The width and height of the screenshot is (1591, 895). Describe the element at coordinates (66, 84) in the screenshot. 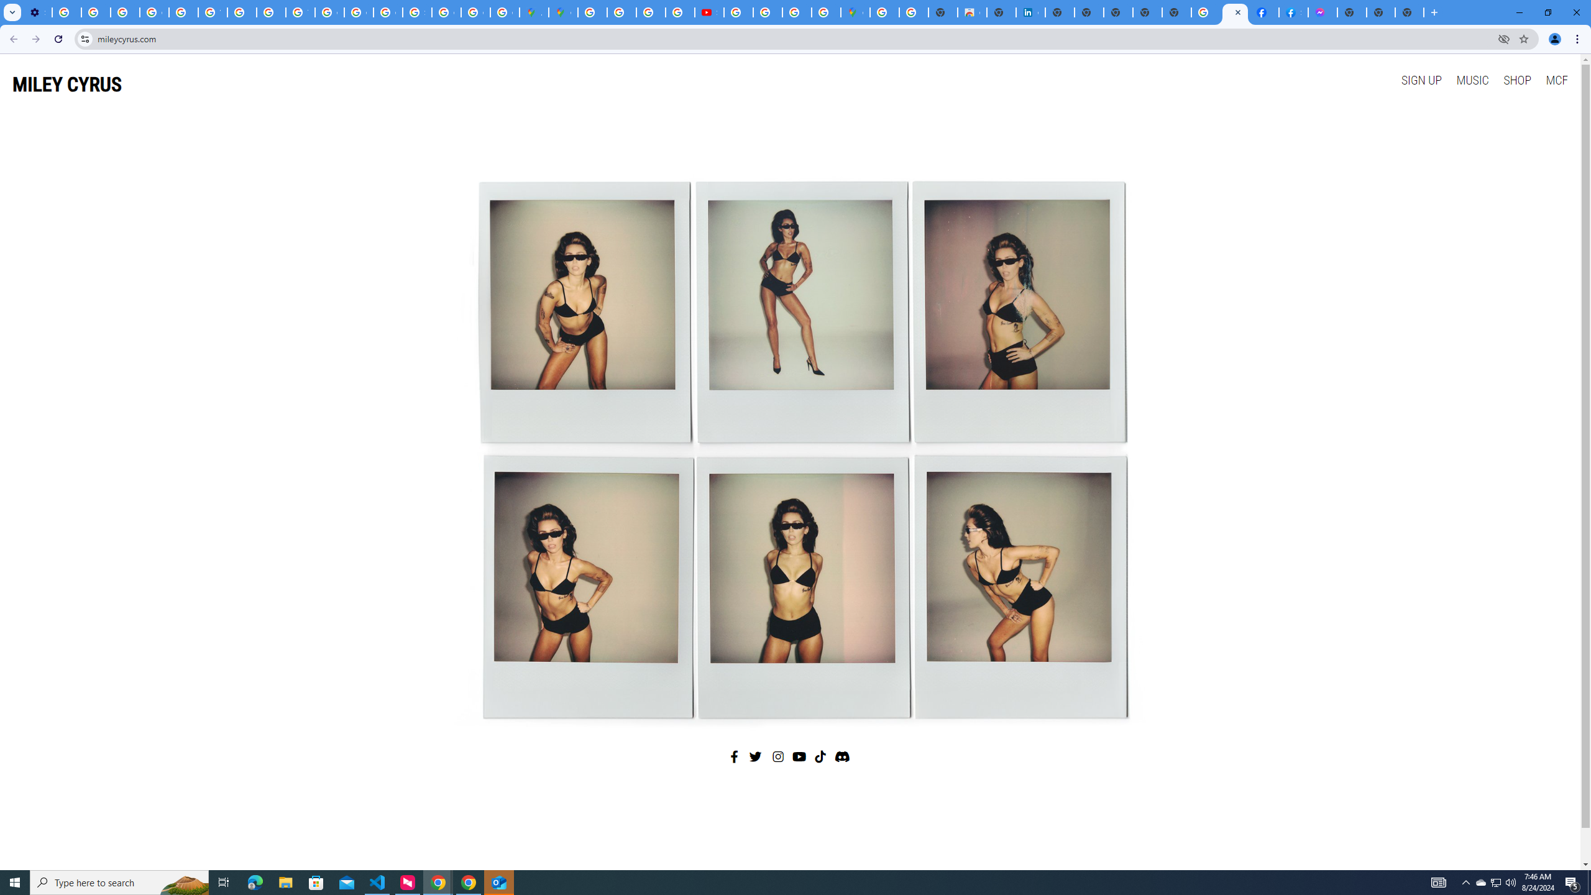

I see `'MILEY CYRUS'` at that location.